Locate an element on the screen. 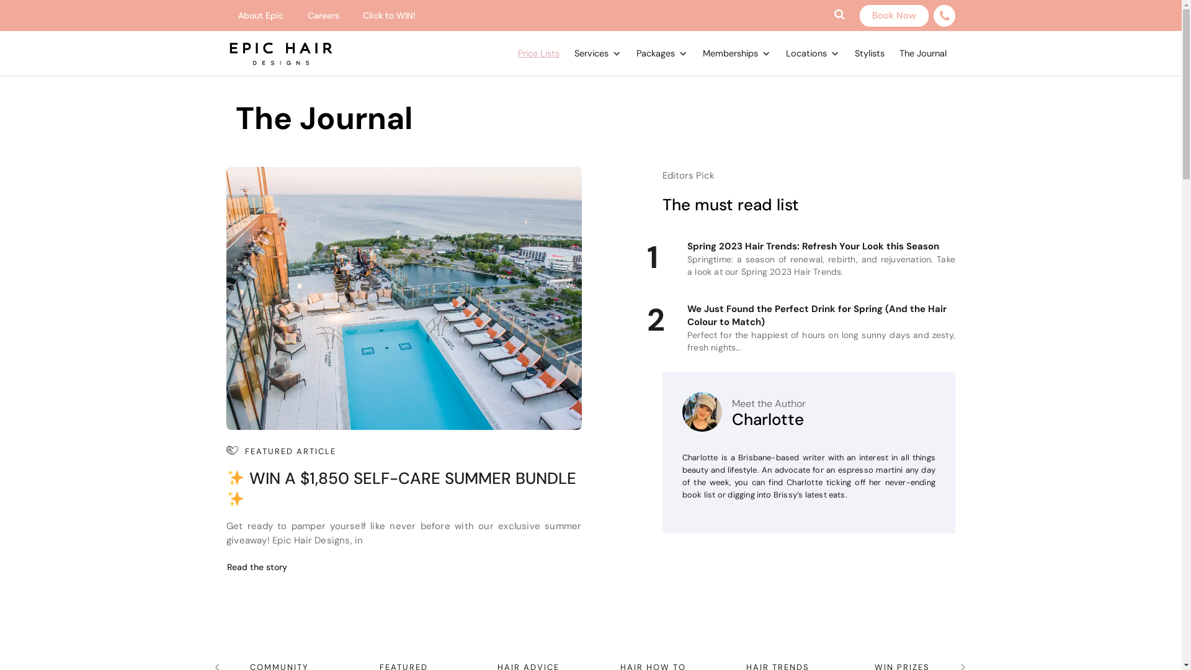  'WIN A $1,850 SELF-CARE SUMMER BUNDLE' is located at coordinates (401, 488).